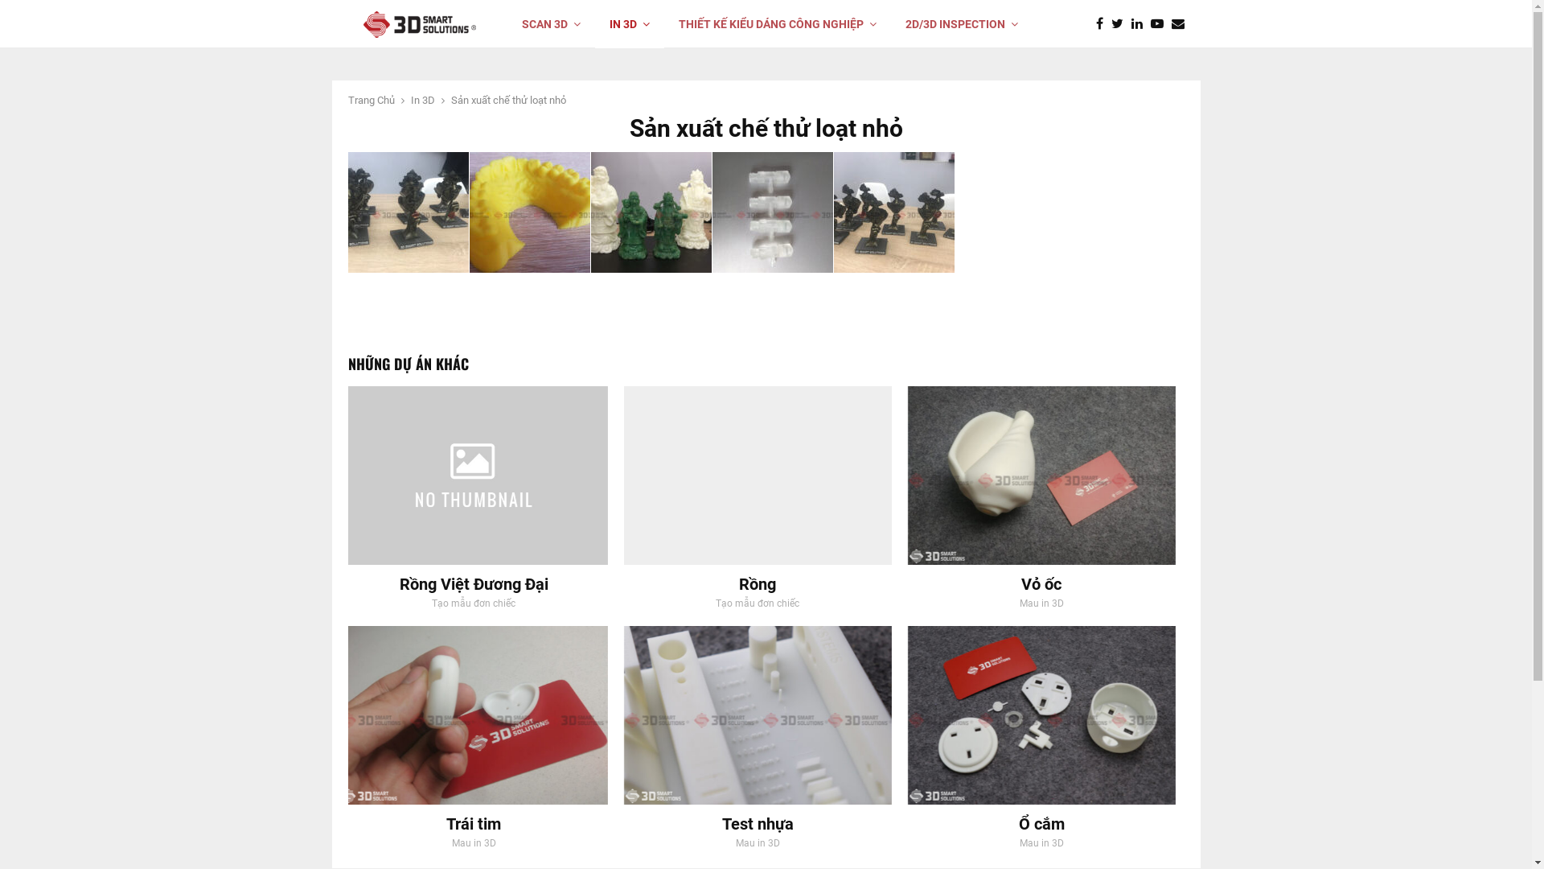  Describe the element at coordinates (1120, 24) in the screenshot. I see `'Twitter'` at that location.